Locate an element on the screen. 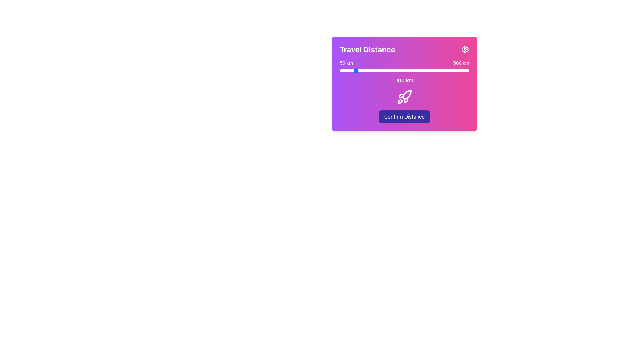  the confirmation button located at the bottom center of the travel distance configuration card to activate the hover effect is located at coordinates (404, 117).